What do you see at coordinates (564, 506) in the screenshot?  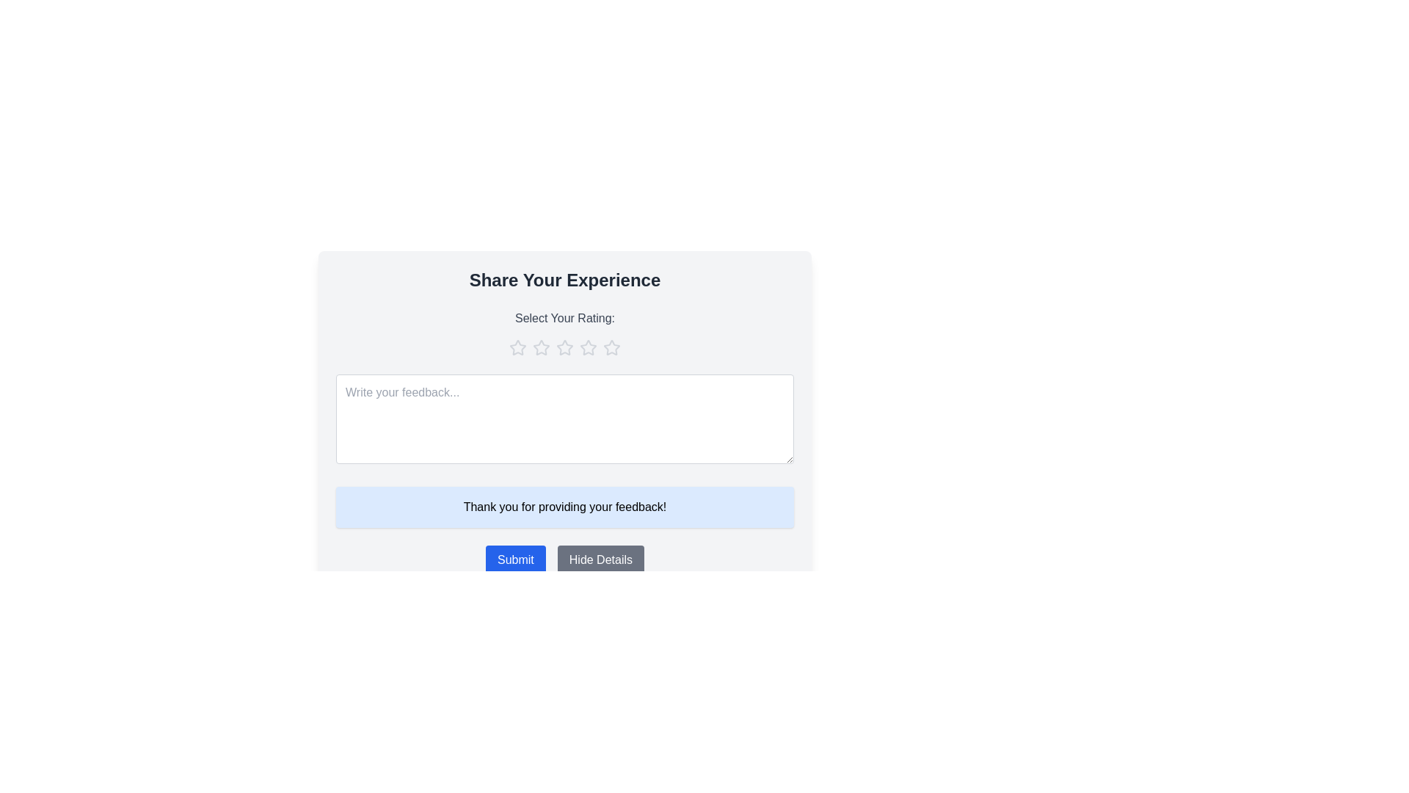 I see `the static informational message that acknowledges the user's feedback submission, located below the feedback input box and above the action buttons` at bounding box center [564, 506].